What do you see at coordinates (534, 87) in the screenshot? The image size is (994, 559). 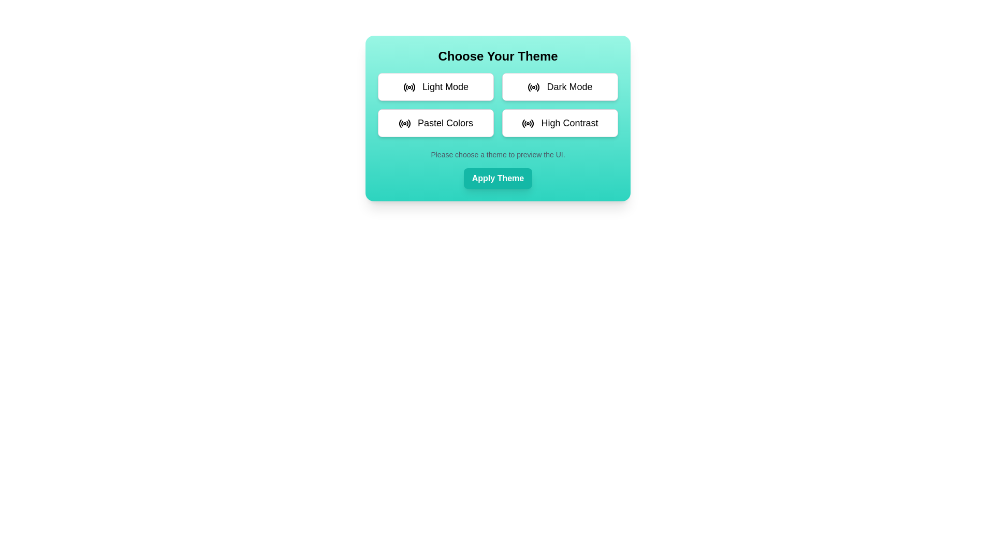 I see `the 'Dark Mode' button, which is the second button in the first row of the theme selection grid, indicated by an SVG graphical element resembling a radio frequency or broadcasting icon` at bounding box center [534, 87].